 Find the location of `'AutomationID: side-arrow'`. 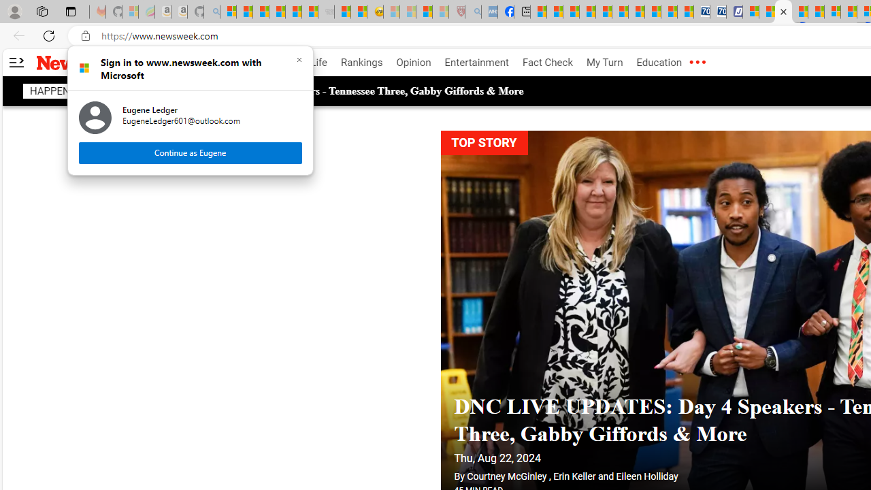

'AutomationID: side-arrow' is located at coordinates (16, 63).